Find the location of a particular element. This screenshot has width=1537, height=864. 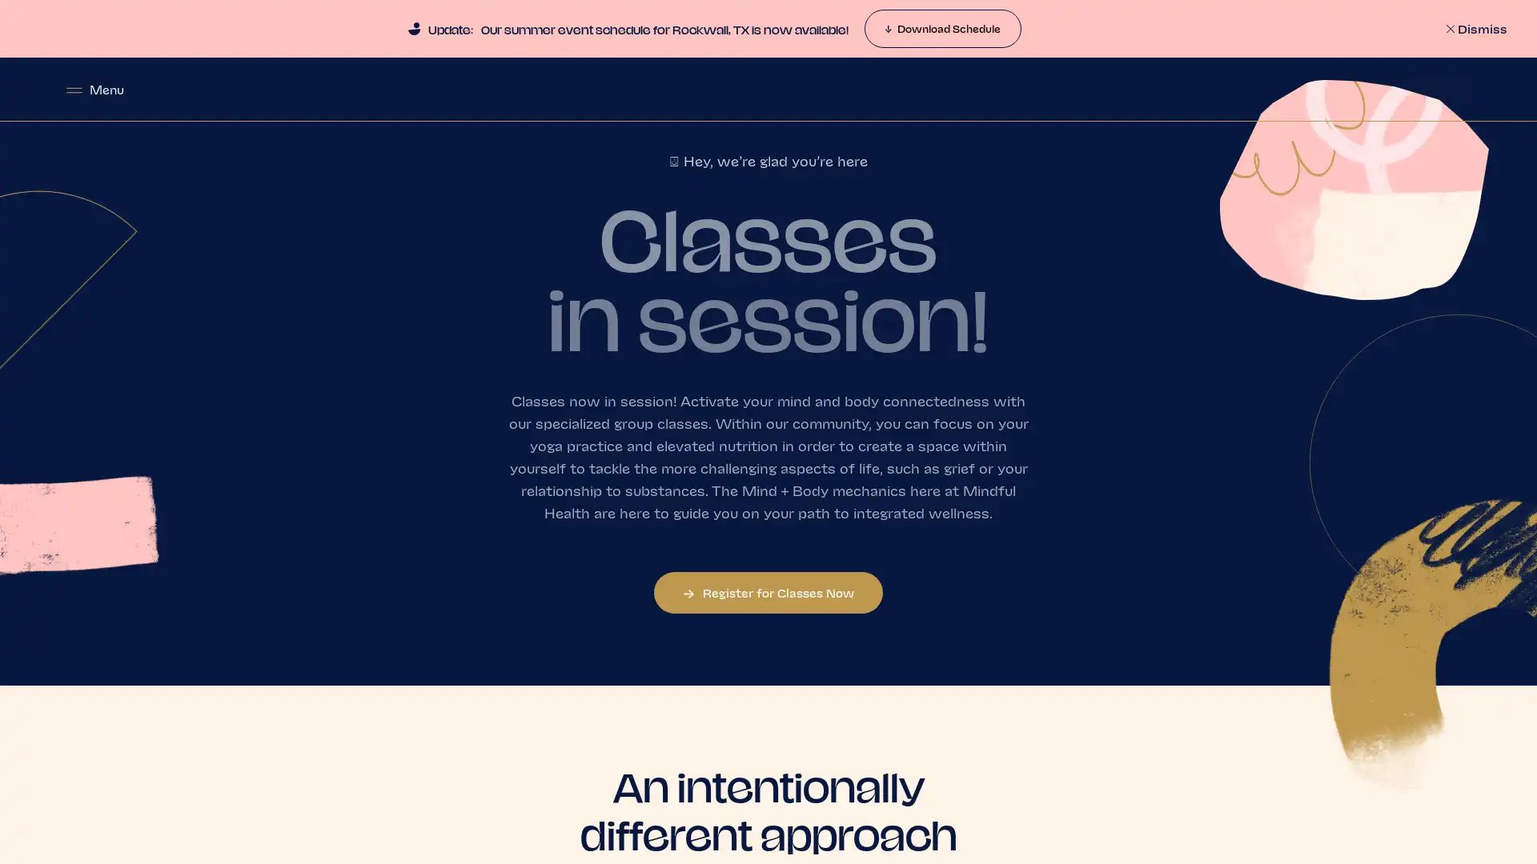

Dismiss is located at coordinates (1474, 28).